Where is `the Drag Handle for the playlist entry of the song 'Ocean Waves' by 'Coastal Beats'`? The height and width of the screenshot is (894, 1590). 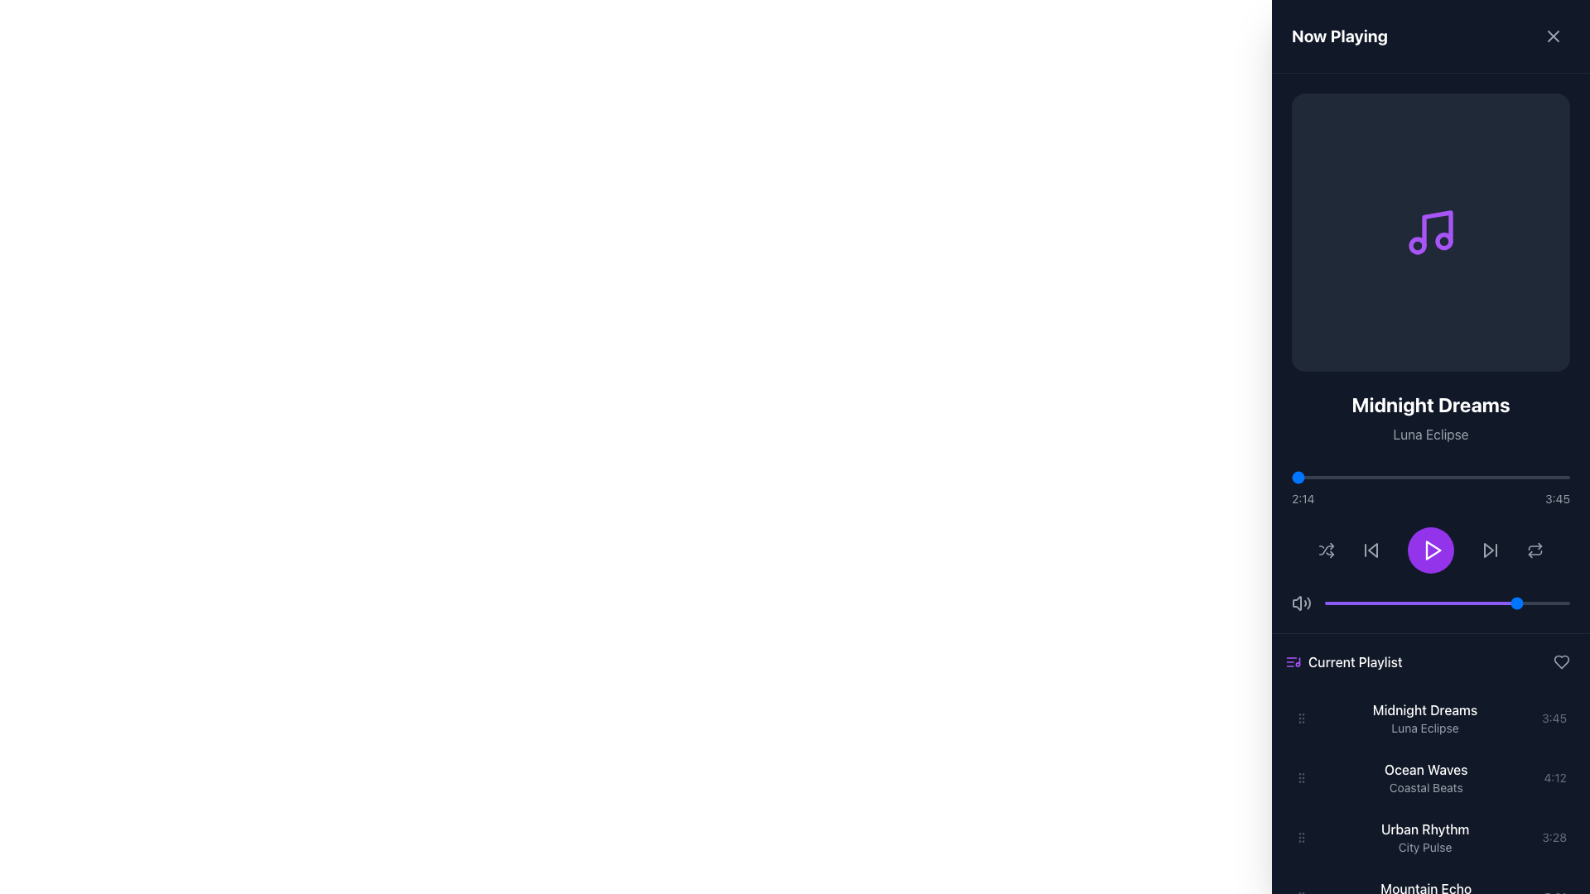 the Drag Handle for the playlist entry of the song 'Ocean Waves' by 'Coastal Beats' is located at coordinates (1300, 778).